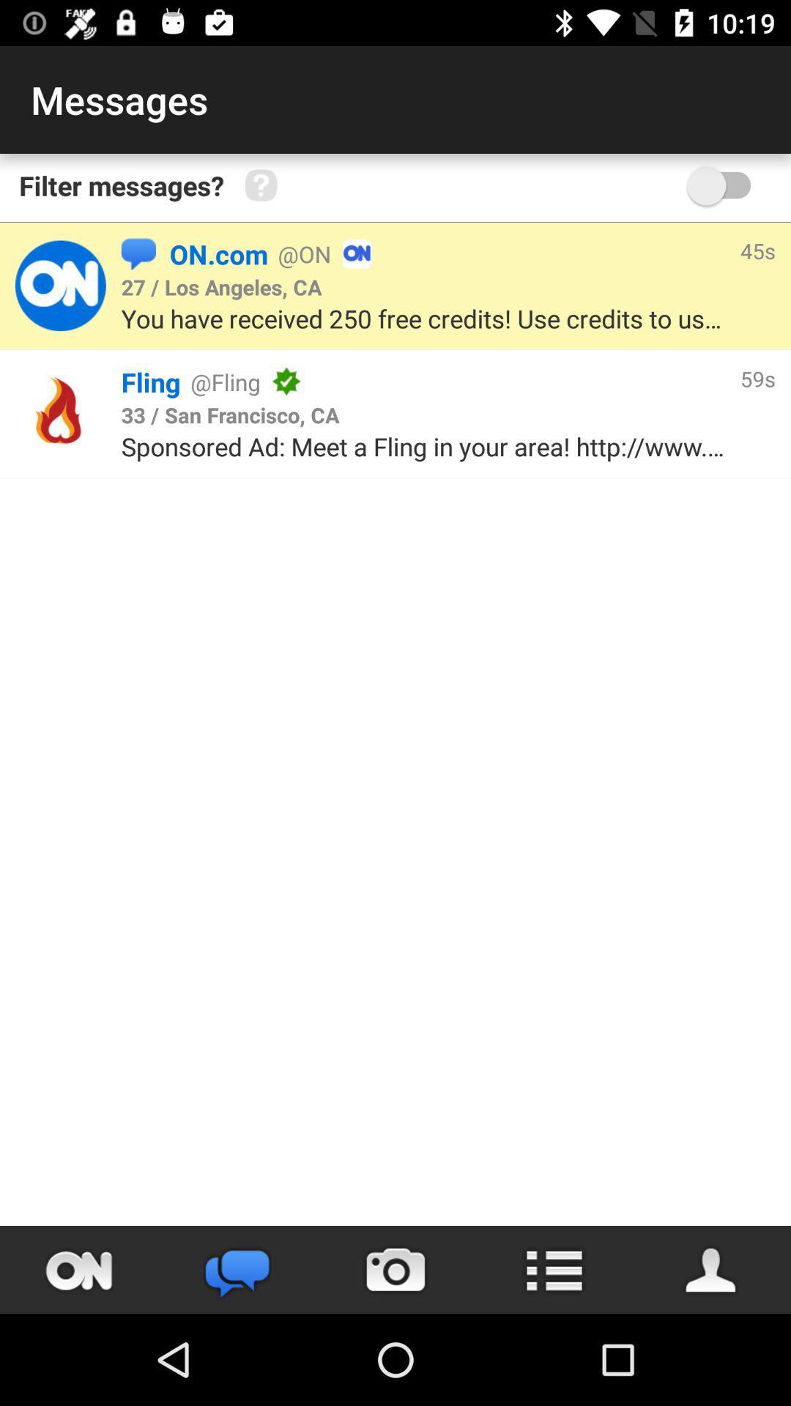 The width and height of the screenshot is (791, 1406). I want to click on switch chat option, so click(237, 1269).